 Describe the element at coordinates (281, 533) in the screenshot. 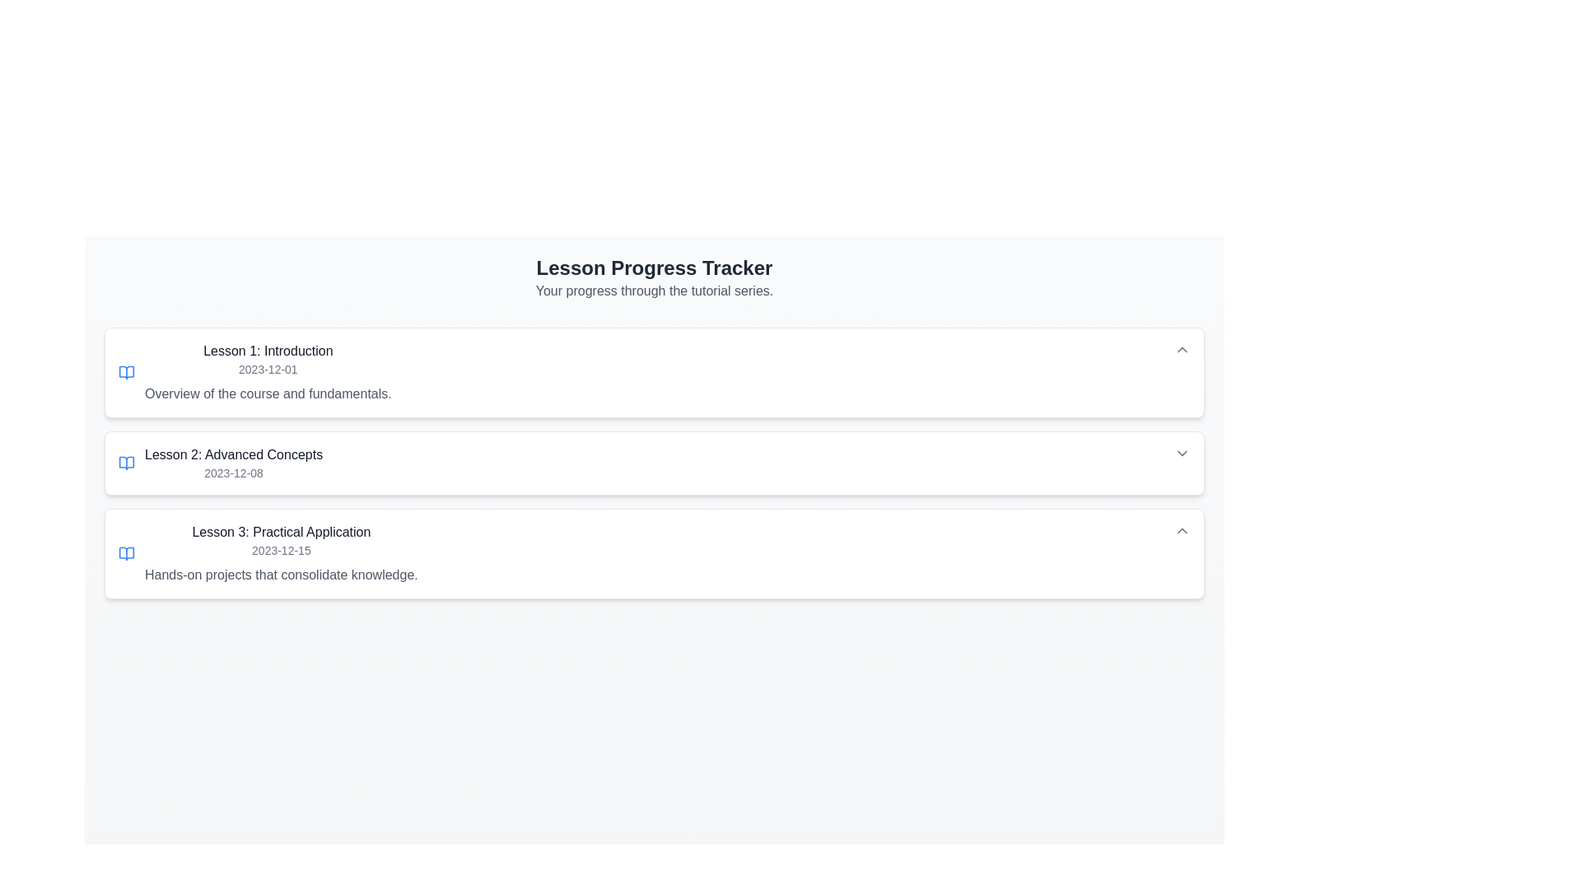

I see `the header text for the third lesson entry, which summarizes the specific topic or title of the lesson, enhancing navigation for users` at that location.